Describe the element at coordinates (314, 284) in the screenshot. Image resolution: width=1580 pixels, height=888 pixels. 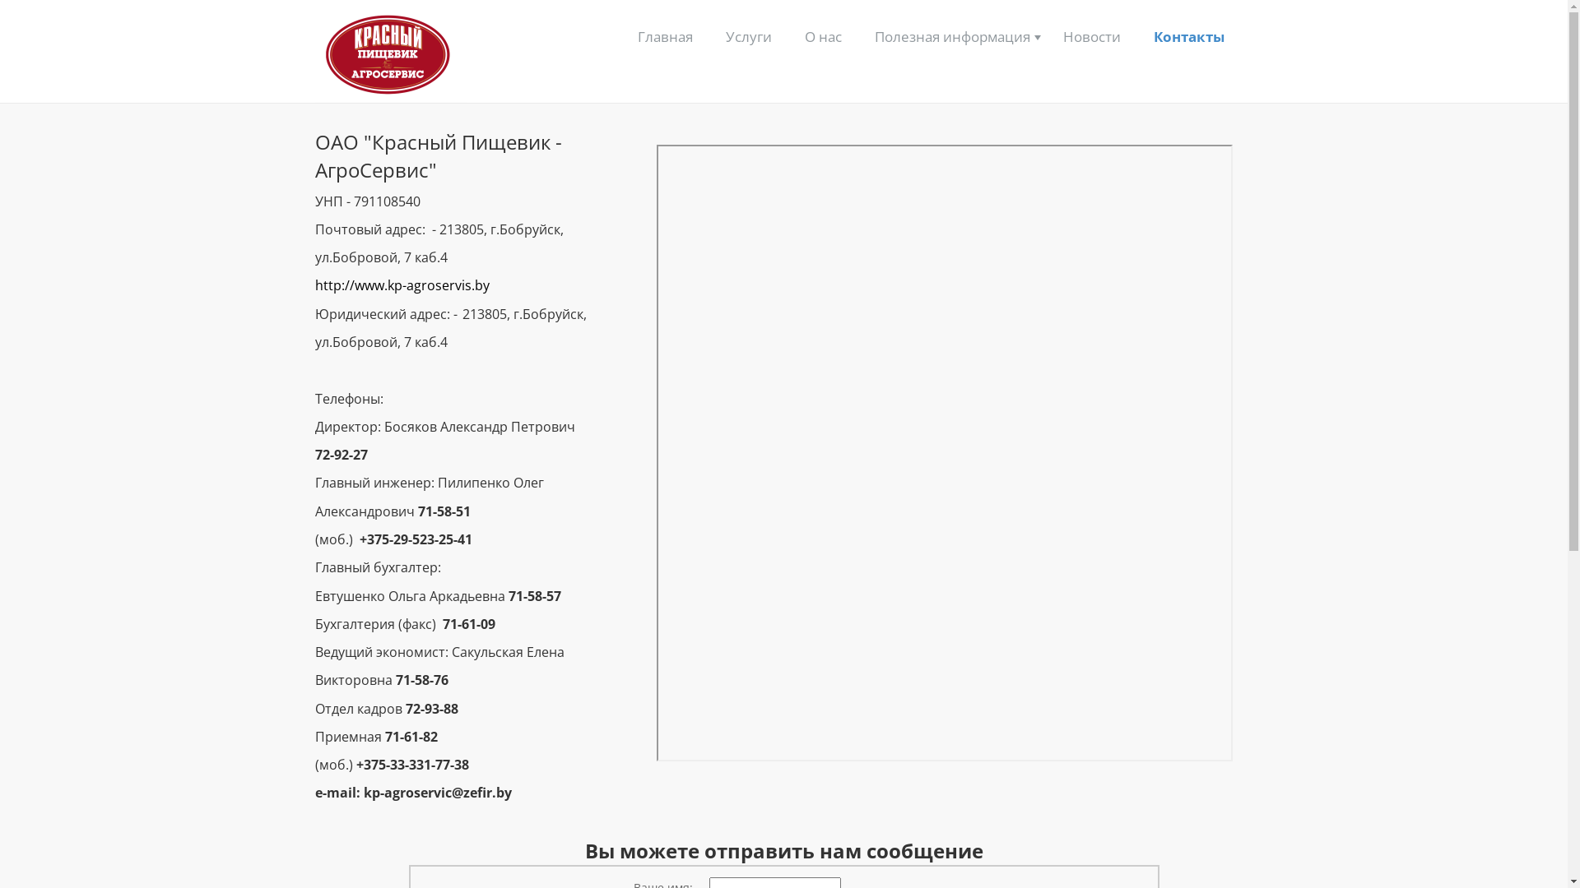
I see `'http://www.kp-agroservis.by'` at that location.